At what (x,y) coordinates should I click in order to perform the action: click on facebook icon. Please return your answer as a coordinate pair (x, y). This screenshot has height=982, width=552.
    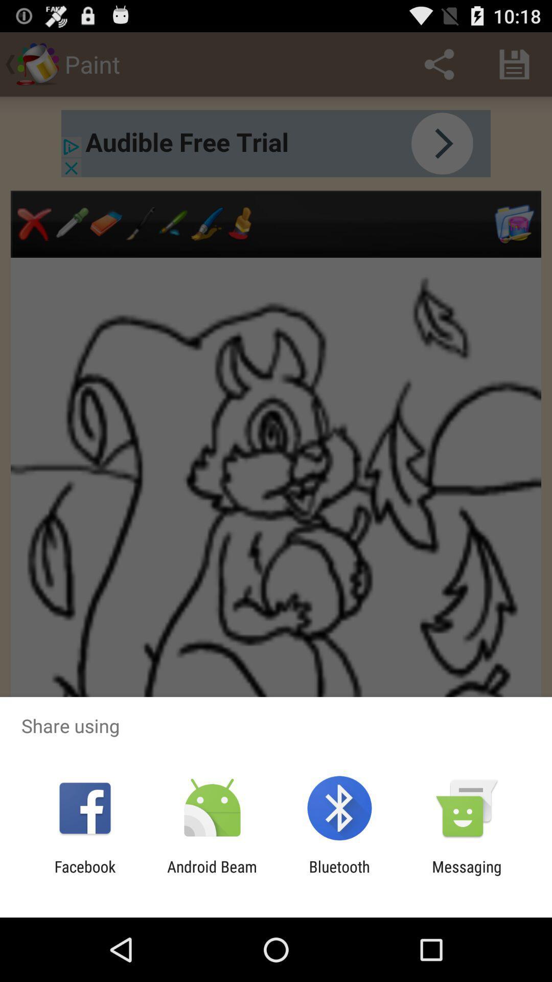
    Looking at the image, I should click on (84, 875).